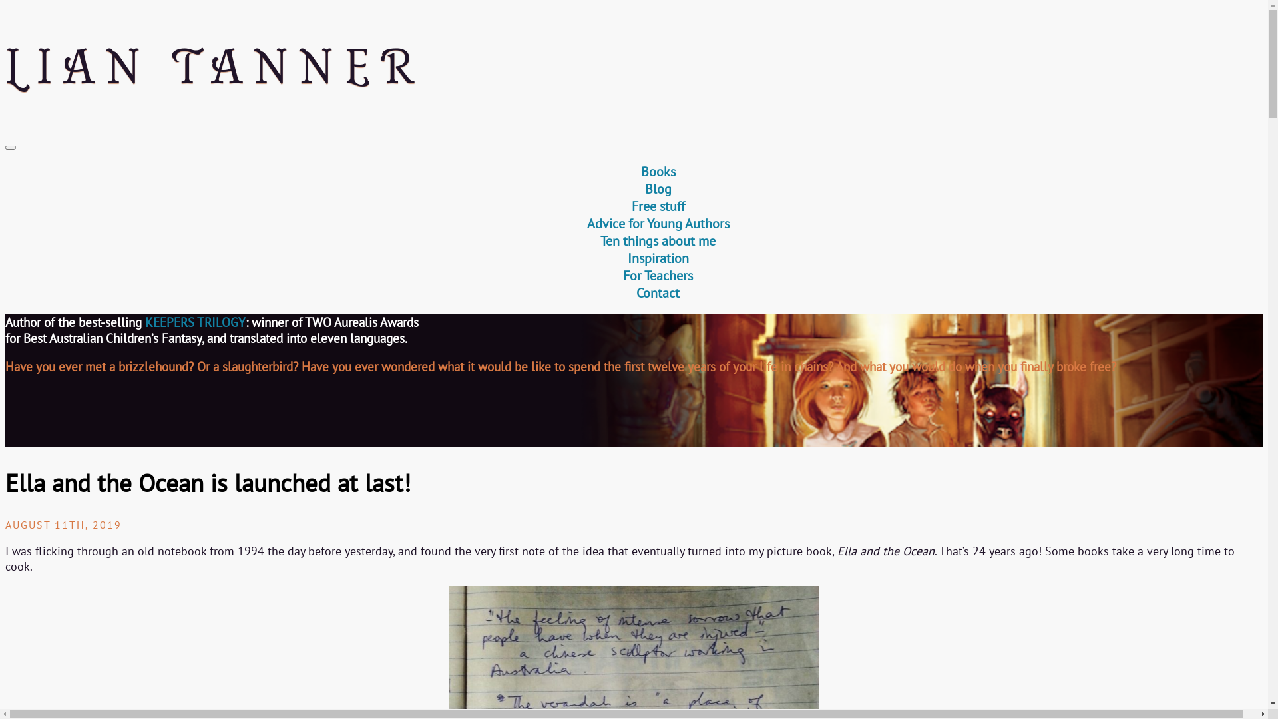  Describe the element at coordinates (658, 258) in the screenshot. I see `'Inspiration'` at that location.